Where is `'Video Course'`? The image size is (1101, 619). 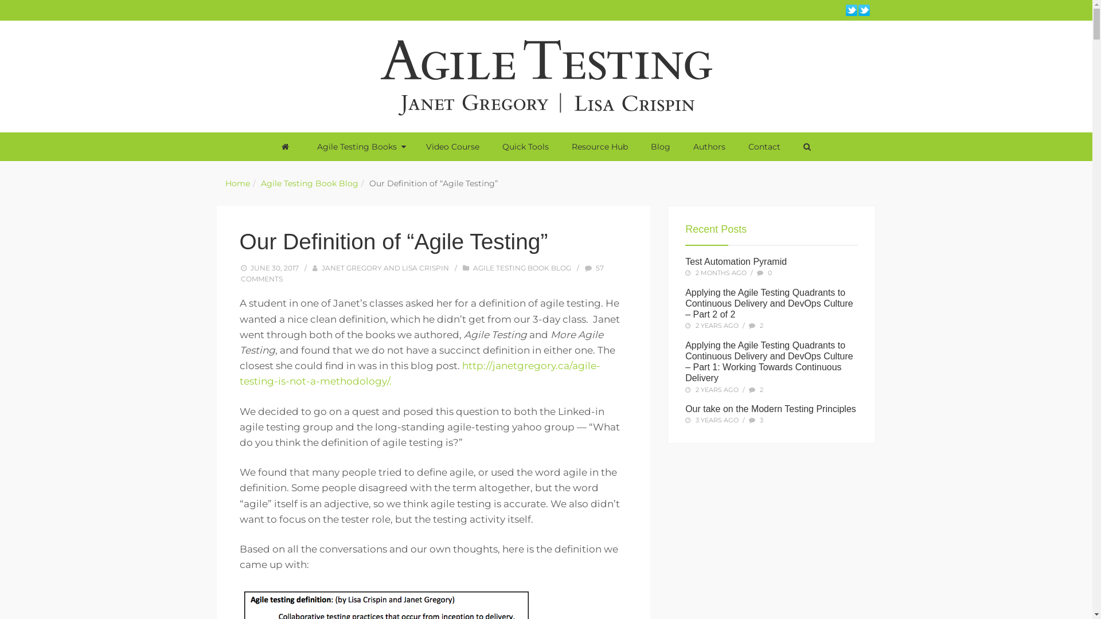
'Video Course' is located at coordinates (413, 146).